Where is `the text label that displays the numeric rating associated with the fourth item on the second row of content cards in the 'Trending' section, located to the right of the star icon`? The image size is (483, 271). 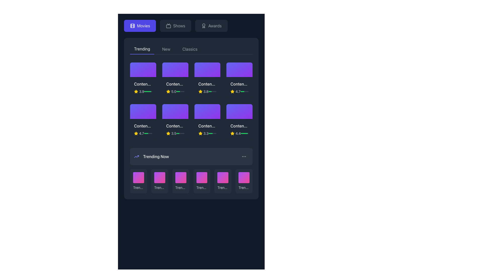
the text label that displays the numeric rating associated with the fourth item on the second row of content cards in the 'Trending' section, located to the right of the star icon is located at coordinates (206, 133).